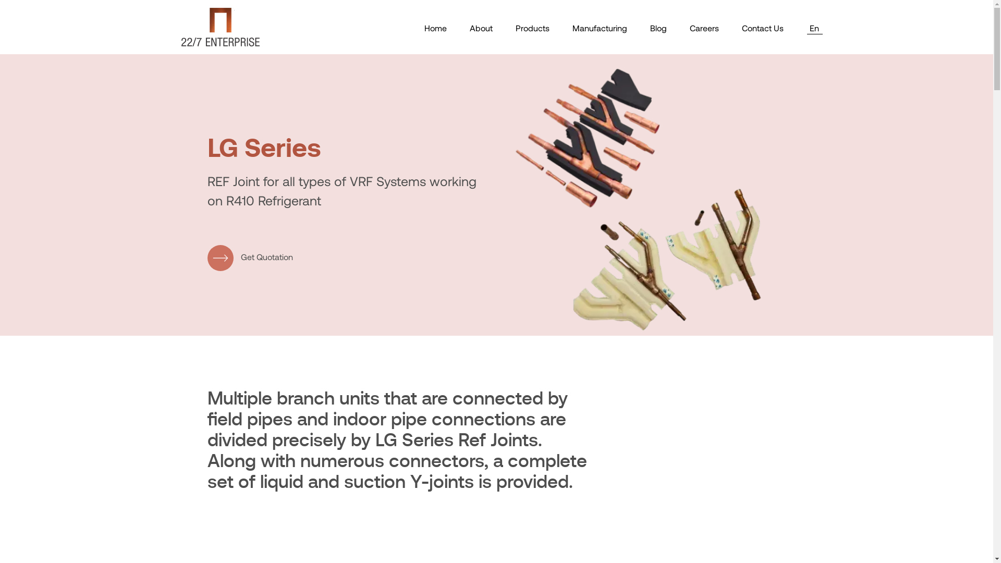 This screenshot has height=563, width=1001. Describe the element at coordinates (762, 27) in the screenshot. I see `'Contact Us'` at that location.